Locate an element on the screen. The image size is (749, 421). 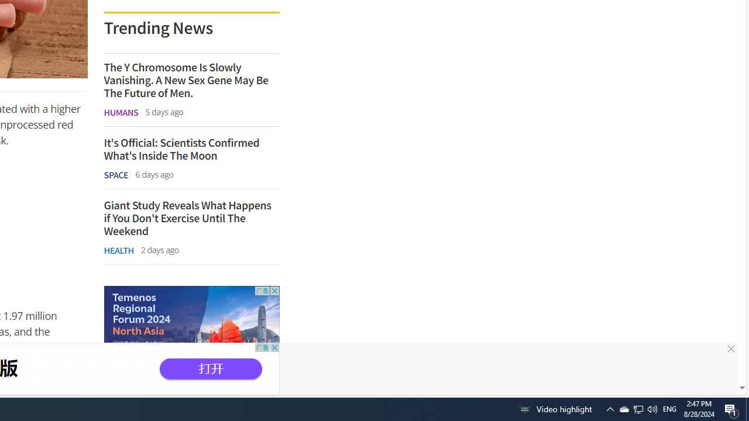
'It' is located at coordinates (191, 149).